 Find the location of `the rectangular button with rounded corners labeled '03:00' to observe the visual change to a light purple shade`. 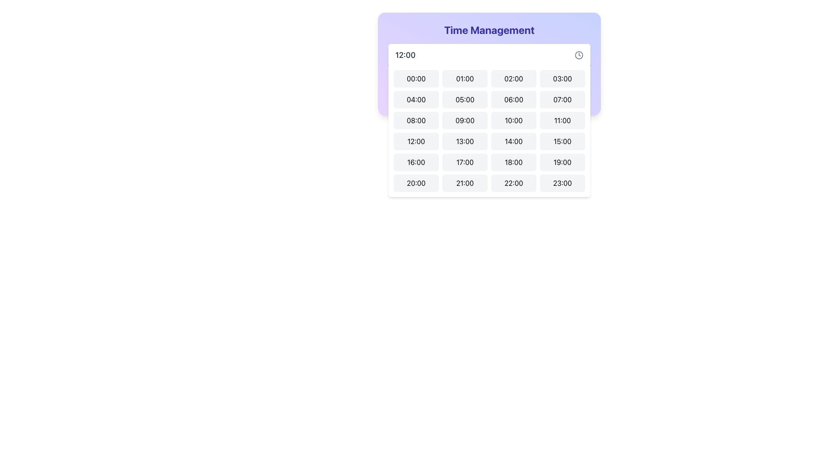

the rectangular button with rounded corners labeled '03:00' to observe the visual change to a light purple shade is located at coordinates (562, 79).